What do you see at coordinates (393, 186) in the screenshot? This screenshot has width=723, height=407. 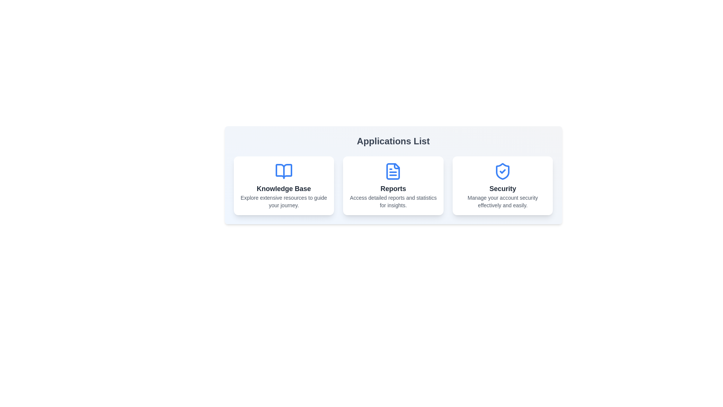 I see `the card titled Reports to observe the hover effect` at bounding box center [393, 186].